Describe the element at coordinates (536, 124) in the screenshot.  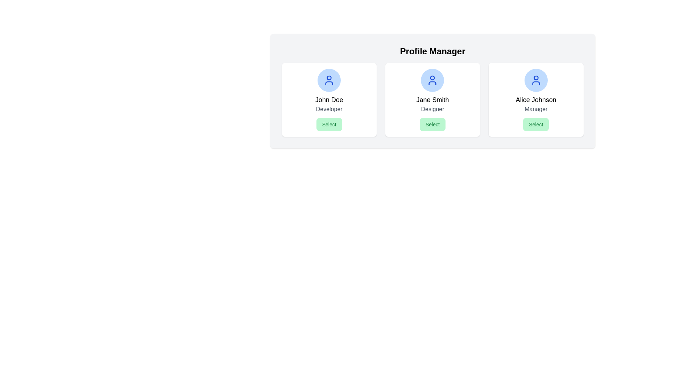
I see `the 'Select' button, which has rounded corners, a light green background, and displays the text 'Select' in green font color` at that location.